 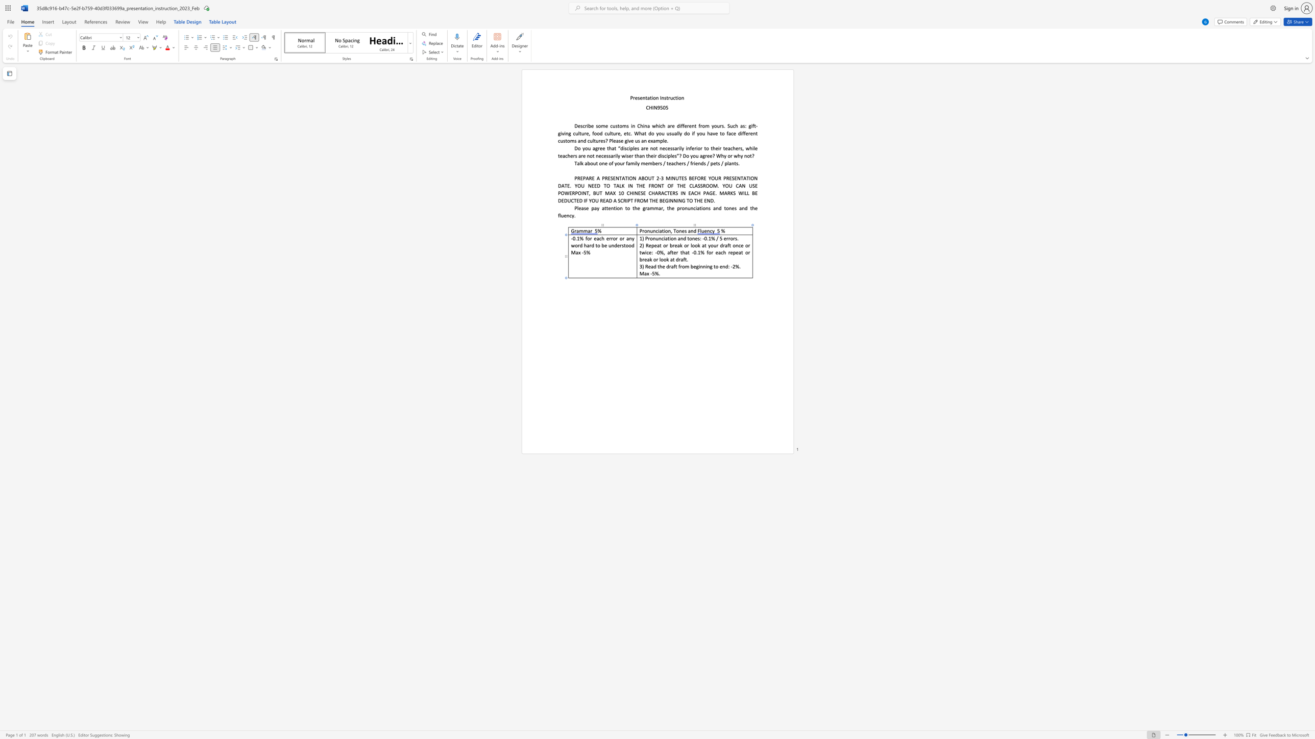 What do you see at coordinates (729, 252) in the screenshot?
I see `the 9th character "r" in the text` at bounding box center [729, 252].